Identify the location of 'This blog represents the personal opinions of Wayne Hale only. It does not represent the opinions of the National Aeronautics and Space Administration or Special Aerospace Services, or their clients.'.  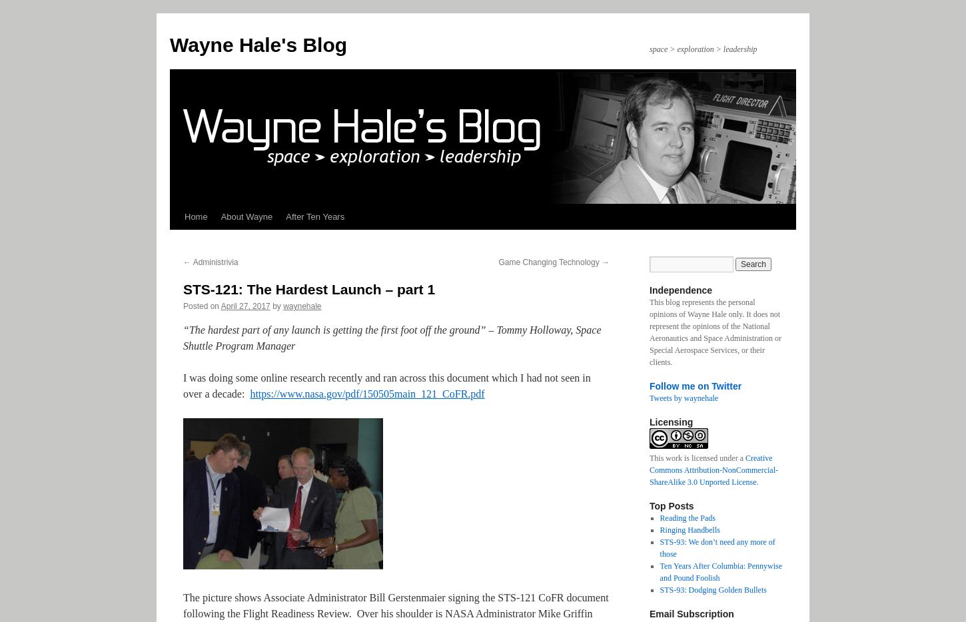
(715, 332).